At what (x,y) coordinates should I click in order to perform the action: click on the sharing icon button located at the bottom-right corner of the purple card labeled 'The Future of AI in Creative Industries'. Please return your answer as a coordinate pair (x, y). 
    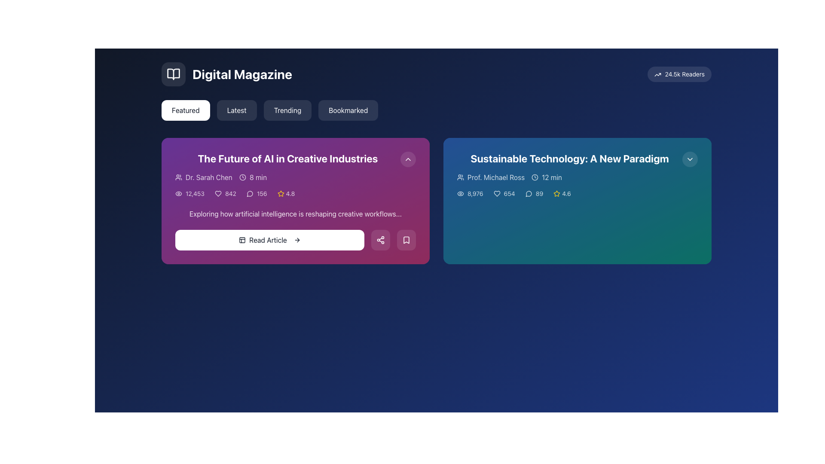
    Looking at the image, I should click on (380, 240).